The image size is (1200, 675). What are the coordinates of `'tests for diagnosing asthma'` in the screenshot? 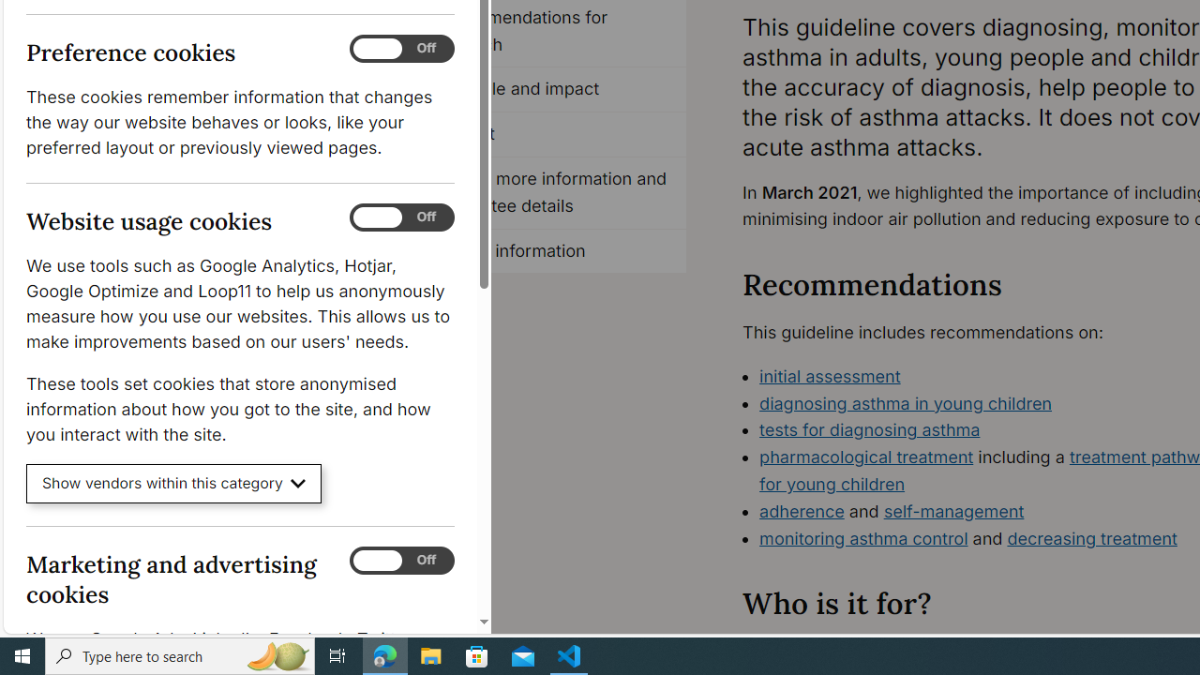 It's located at (869, 429).